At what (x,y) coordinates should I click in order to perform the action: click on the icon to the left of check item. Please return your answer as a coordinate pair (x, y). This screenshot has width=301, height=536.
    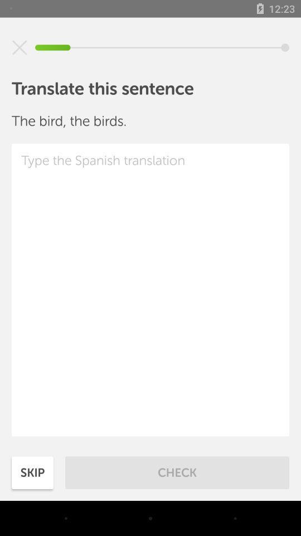
    Looking at the image, I should click on (32, 472).